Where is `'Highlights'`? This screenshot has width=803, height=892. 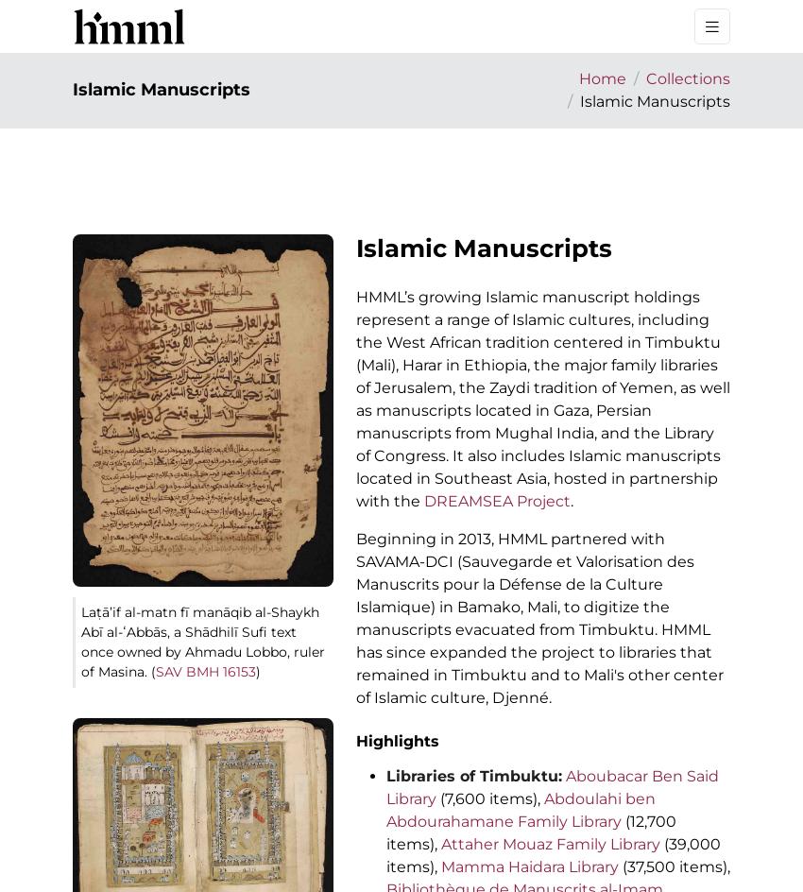 'Highlights' is located at coordinates (354, 740).